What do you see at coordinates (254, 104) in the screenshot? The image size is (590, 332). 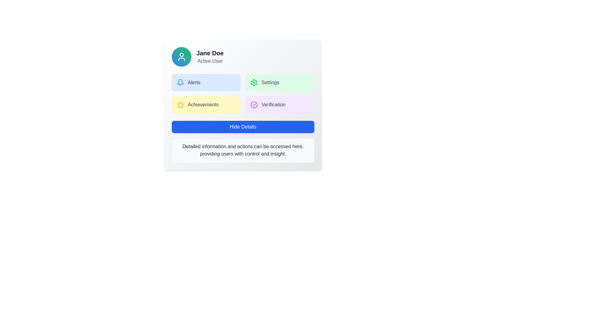 I see `the state of the circular purple check mark icon located at the bottom-right cell of the top section of the card interface, aligned with the 'Settings' button and 'Achievements' button` at bounding box center [254, 104].